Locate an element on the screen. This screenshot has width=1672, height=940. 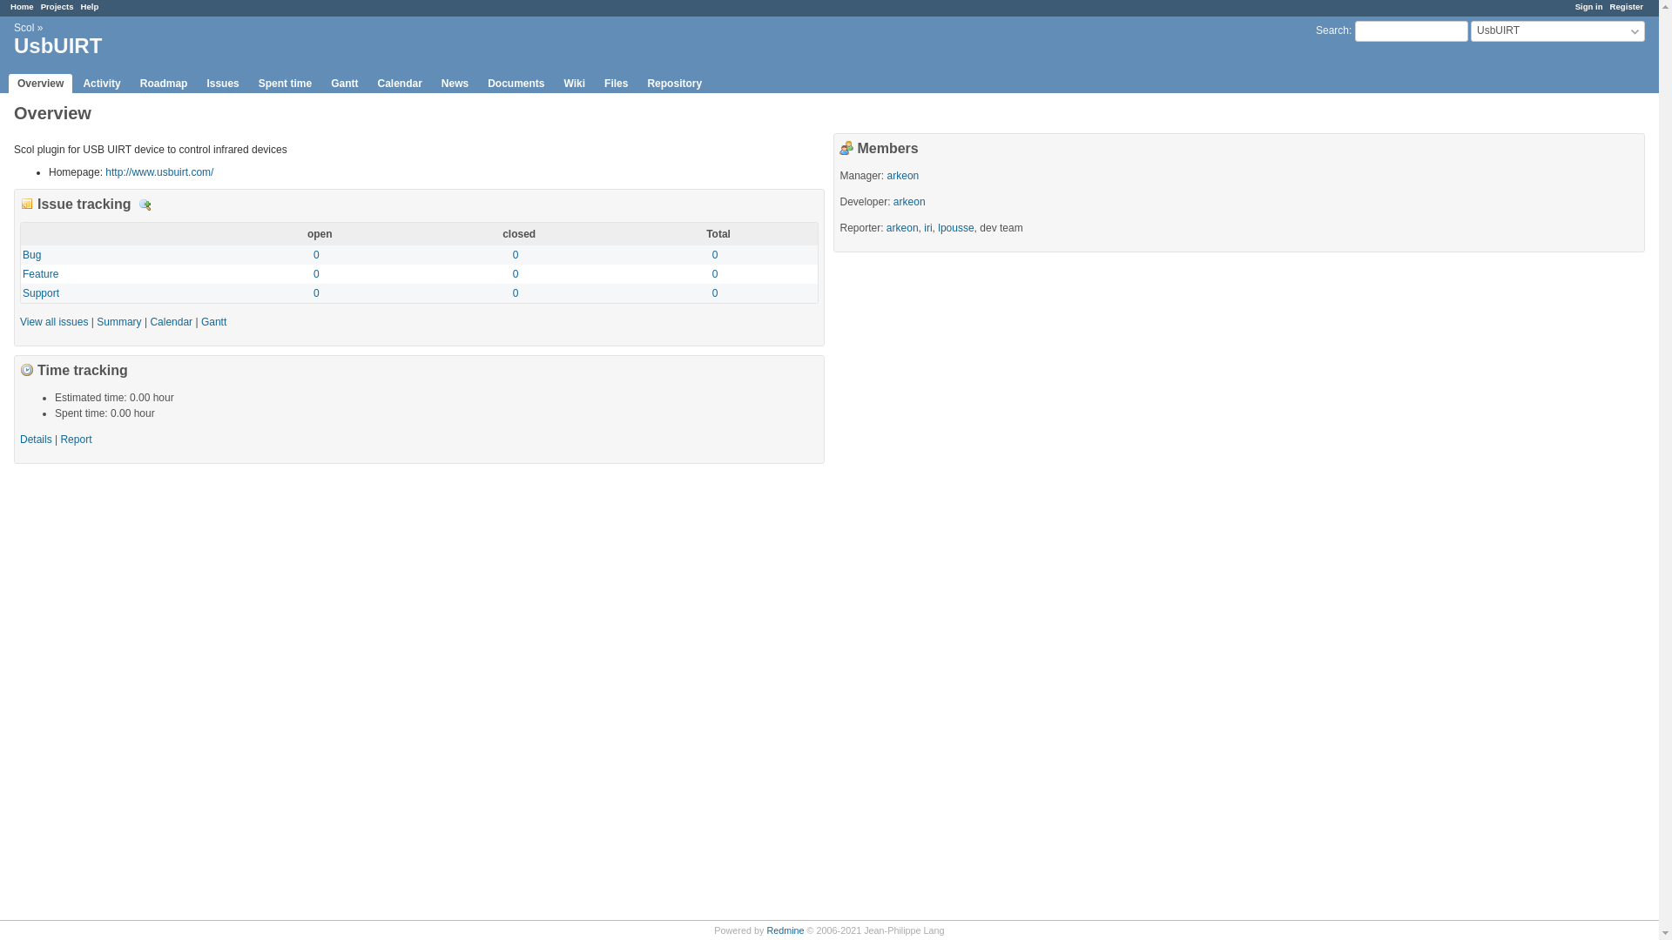
'Help' is located at coordinates (89, 6).